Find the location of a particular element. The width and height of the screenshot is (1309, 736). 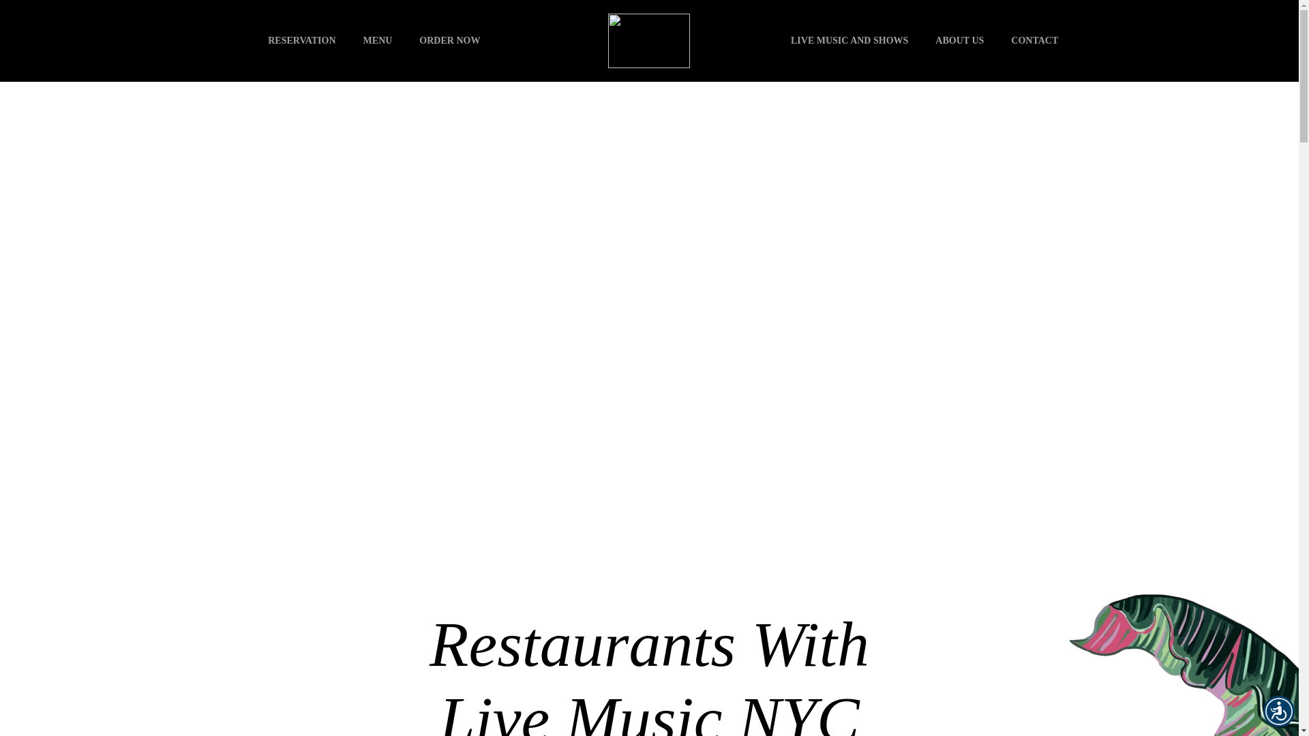

'RESERVATION' is located at coordinates (301, 40).